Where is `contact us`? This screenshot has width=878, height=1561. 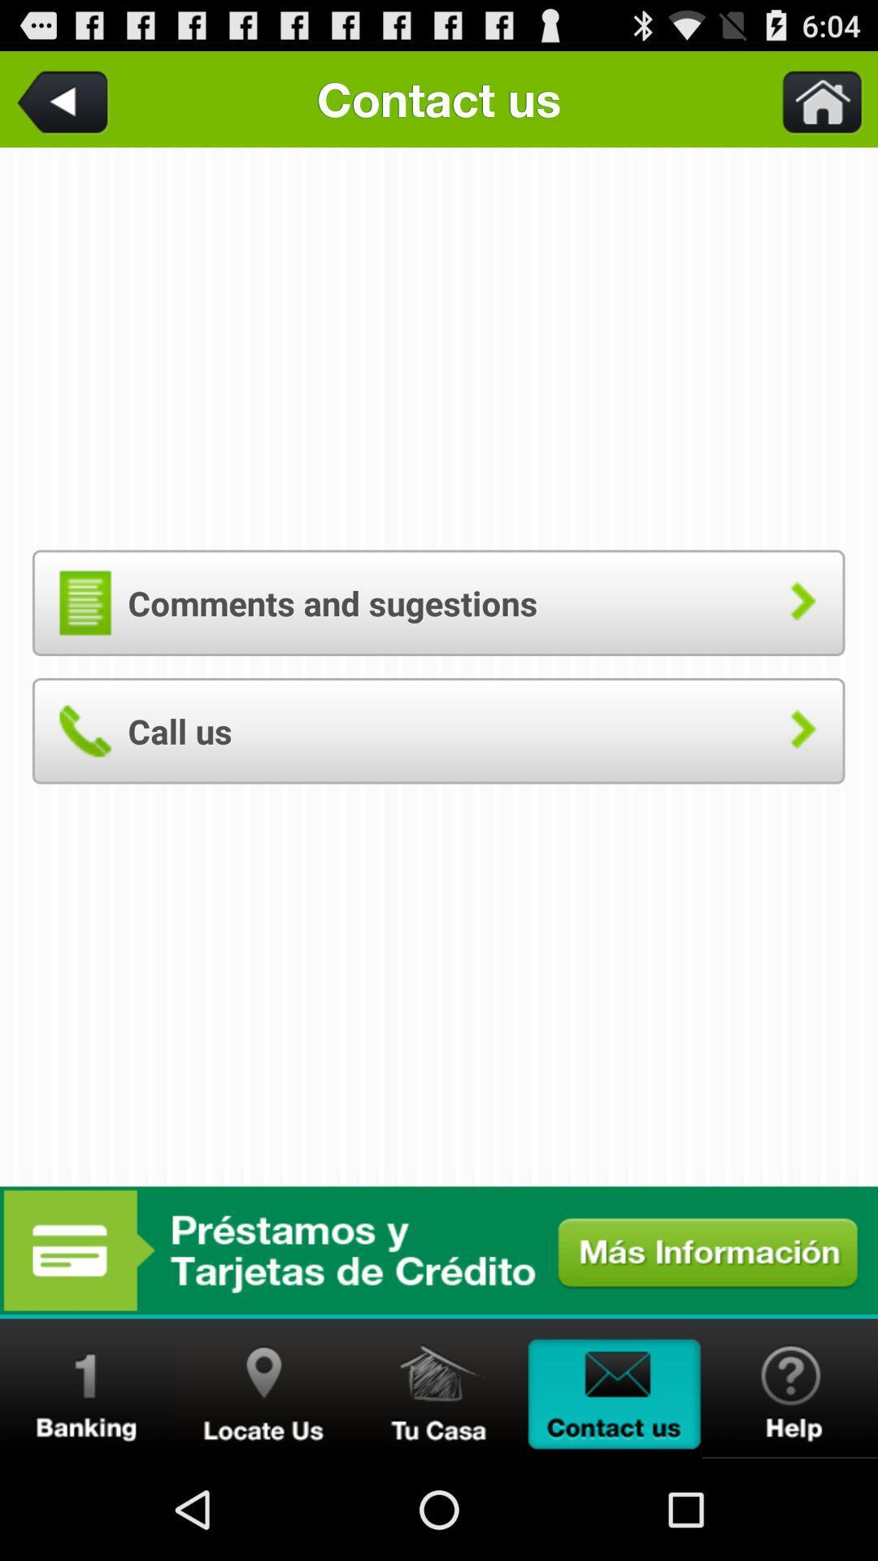
contact us is located at coordinates (615, 1388).